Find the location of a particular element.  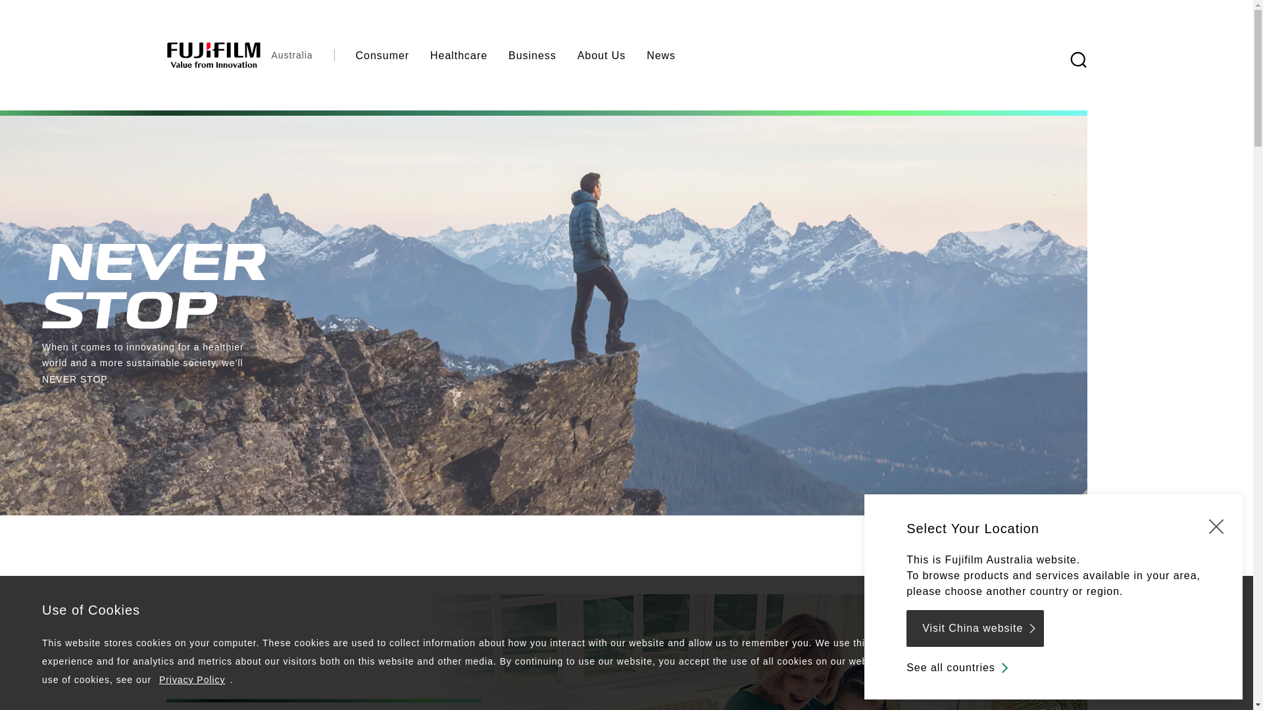

'Healthcare' is located at coordinates (458, 55).